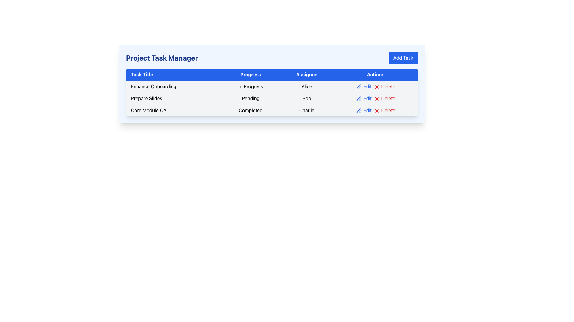 The image size is (574, 322). What do you see at coordinates (359, 111) in the screenshot?
I see `the 'Edit' icon in the 'Actions' column of the table for the task titled 'Core Module QA'` at bounding box center [359, 111].